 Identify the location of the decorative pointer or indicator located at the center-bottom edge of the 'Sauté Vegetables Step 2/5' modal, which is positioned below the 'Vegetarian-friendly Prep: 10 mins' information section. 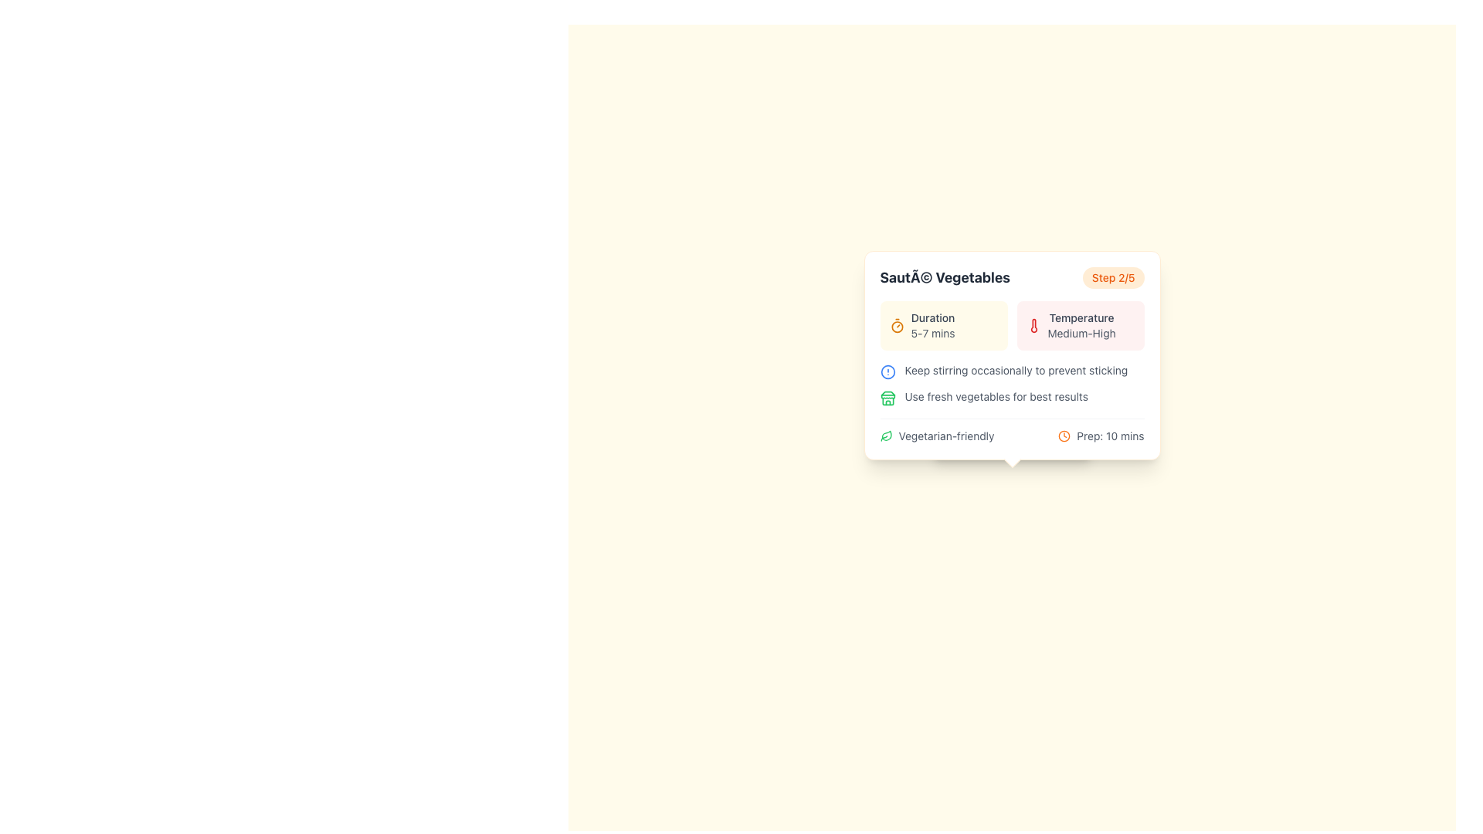
(1012, 458).